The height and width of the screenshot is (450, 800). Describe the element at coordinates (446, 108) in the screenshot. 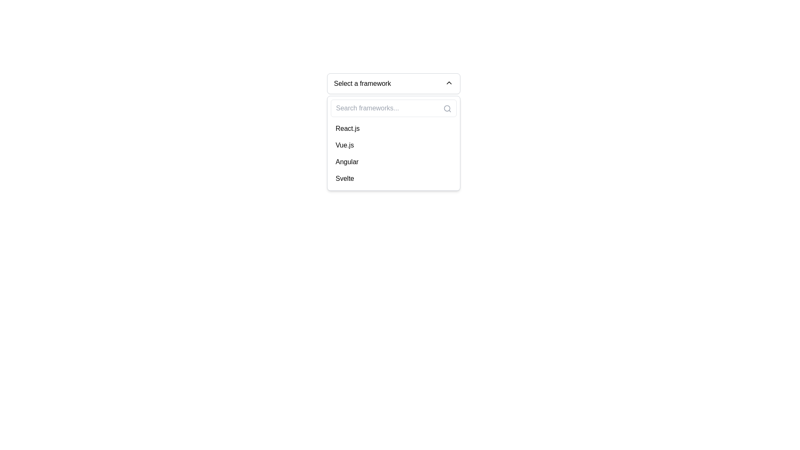

I see `the graphical circle element representing a part of the magnifying glass icon located at the top-right corner of the dropdown's input box` at that location.